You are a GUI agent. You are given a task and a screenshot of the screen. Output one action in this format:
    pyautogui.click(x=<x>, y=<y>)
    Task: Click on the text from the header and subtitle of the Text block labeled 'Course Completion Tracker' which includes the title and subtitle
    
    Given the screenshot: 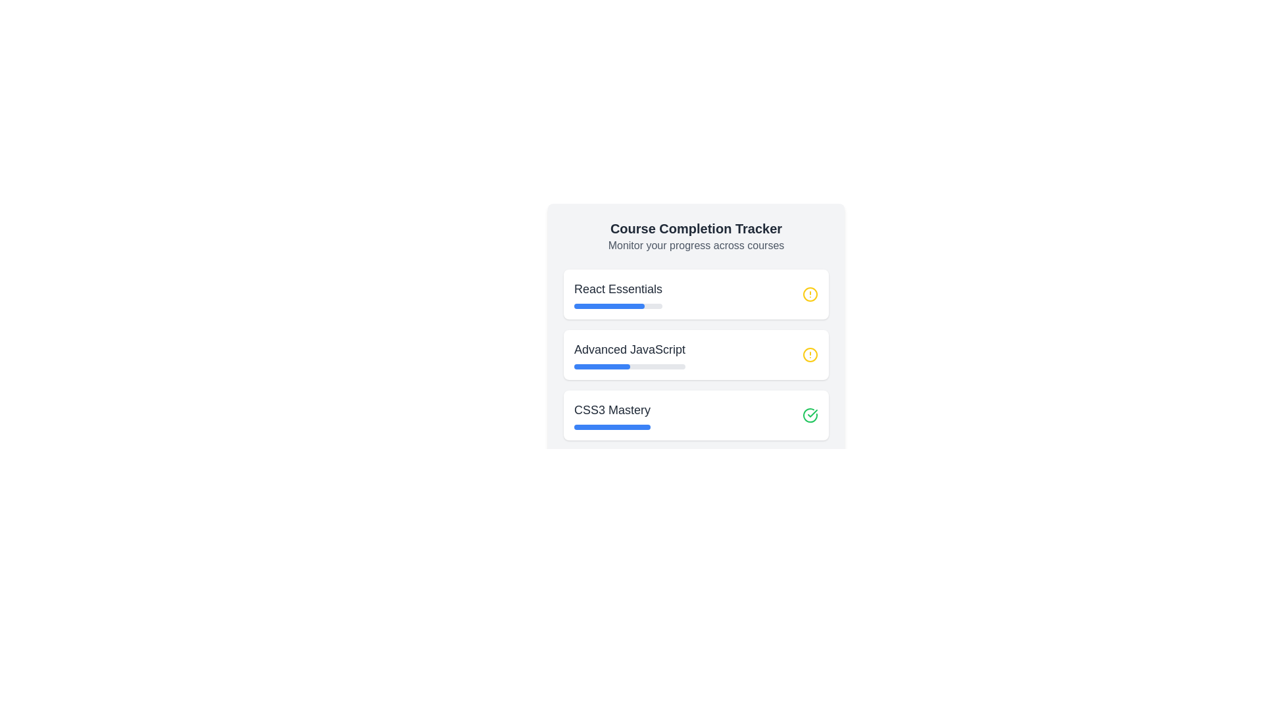 What is the action you would take?
    pyautogui.click(x=695, y=235)
    